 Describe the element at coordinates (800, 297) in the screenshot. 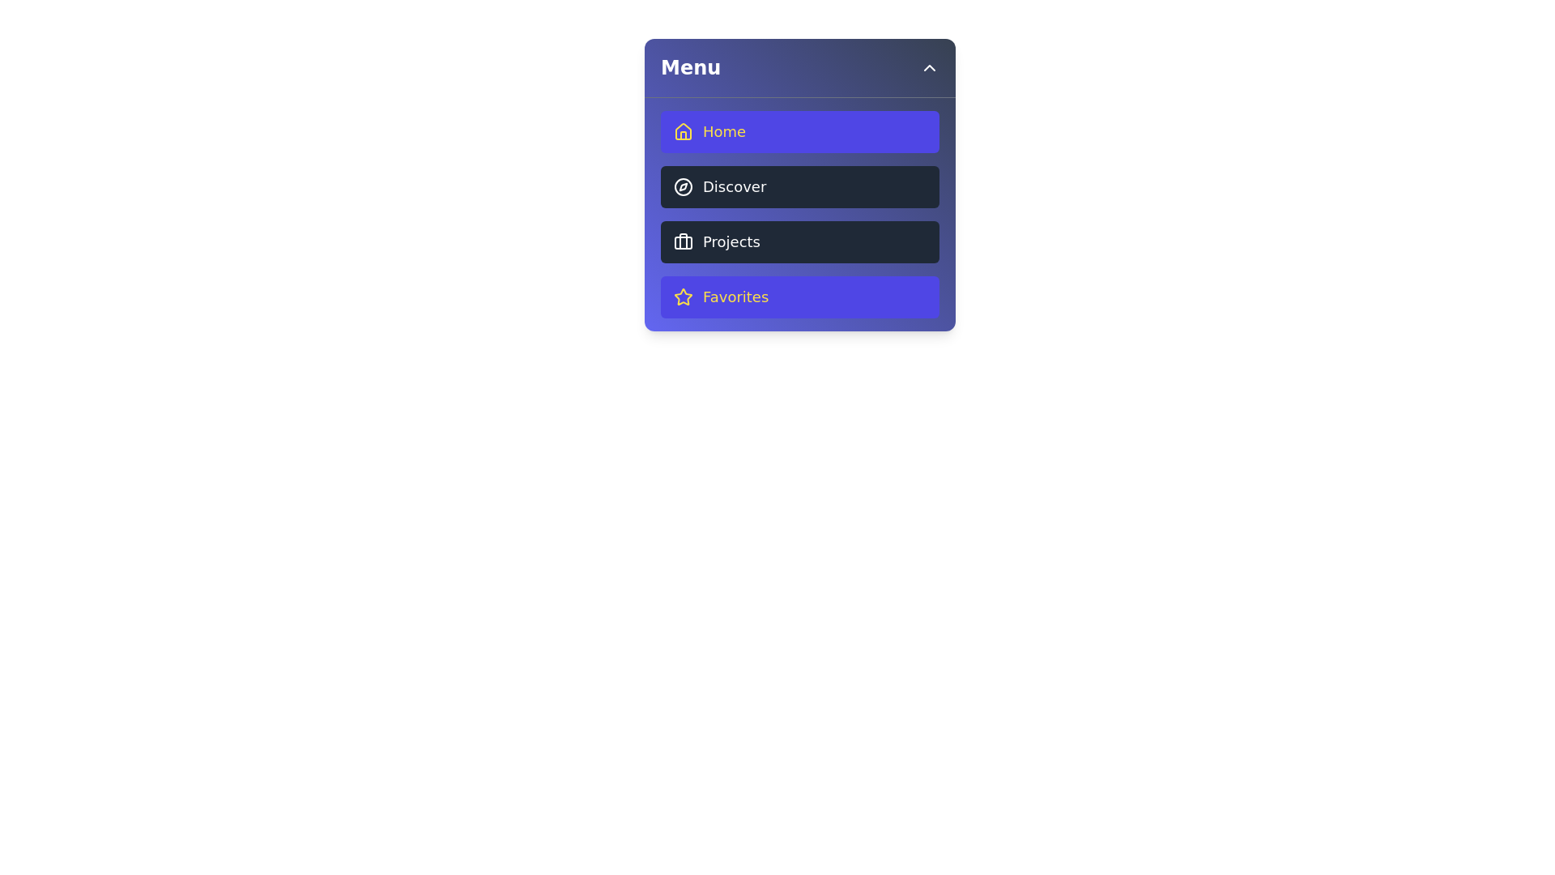

I see `the menu item Favorites to navigate or activate its functionality` at that location.